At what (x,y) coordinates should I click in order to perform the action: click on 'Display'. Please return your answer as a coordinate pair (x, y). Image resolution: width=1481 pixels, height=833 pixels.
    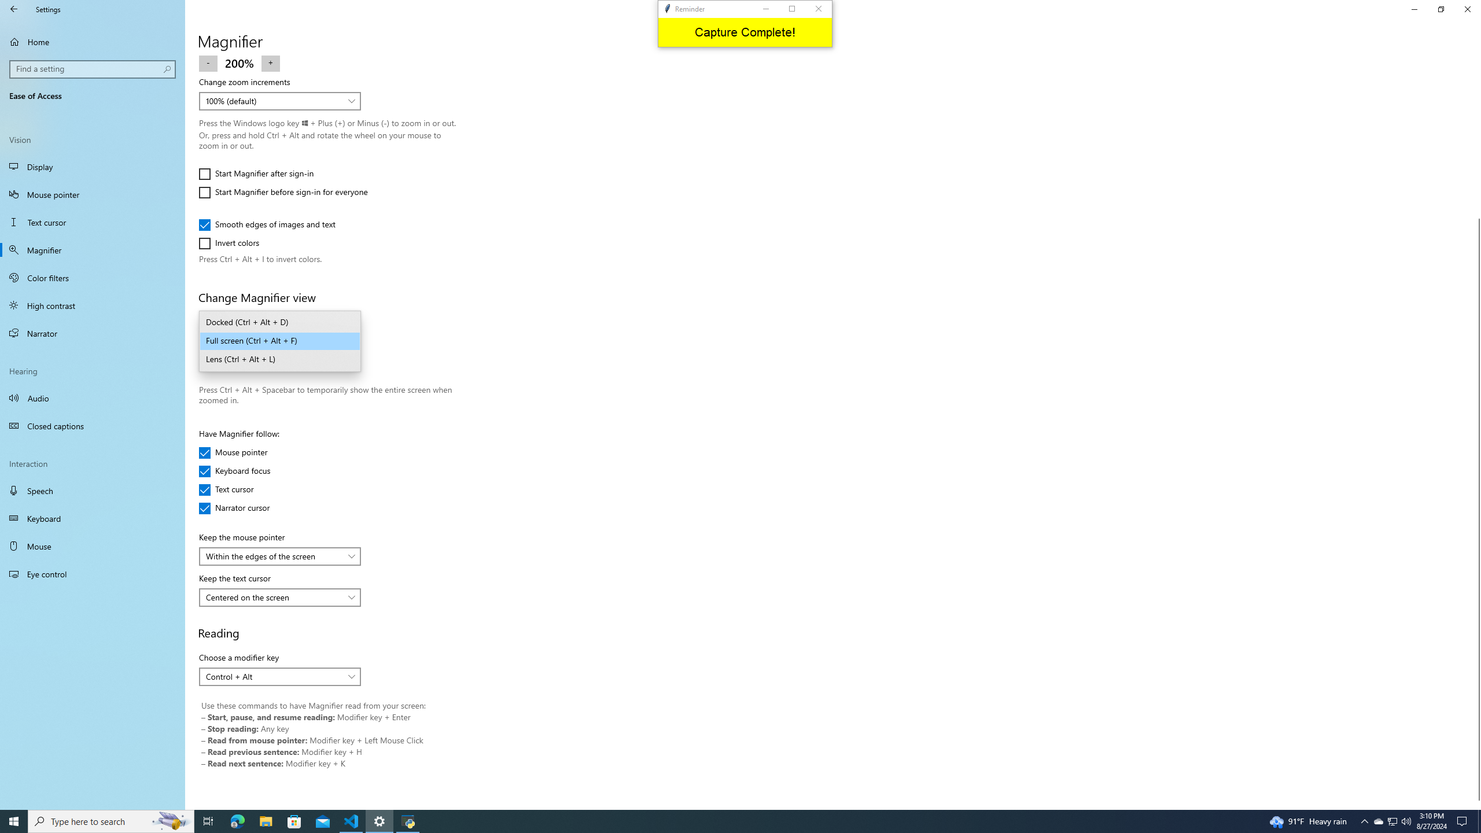
    Looking at the image, I should click on (92, 166).